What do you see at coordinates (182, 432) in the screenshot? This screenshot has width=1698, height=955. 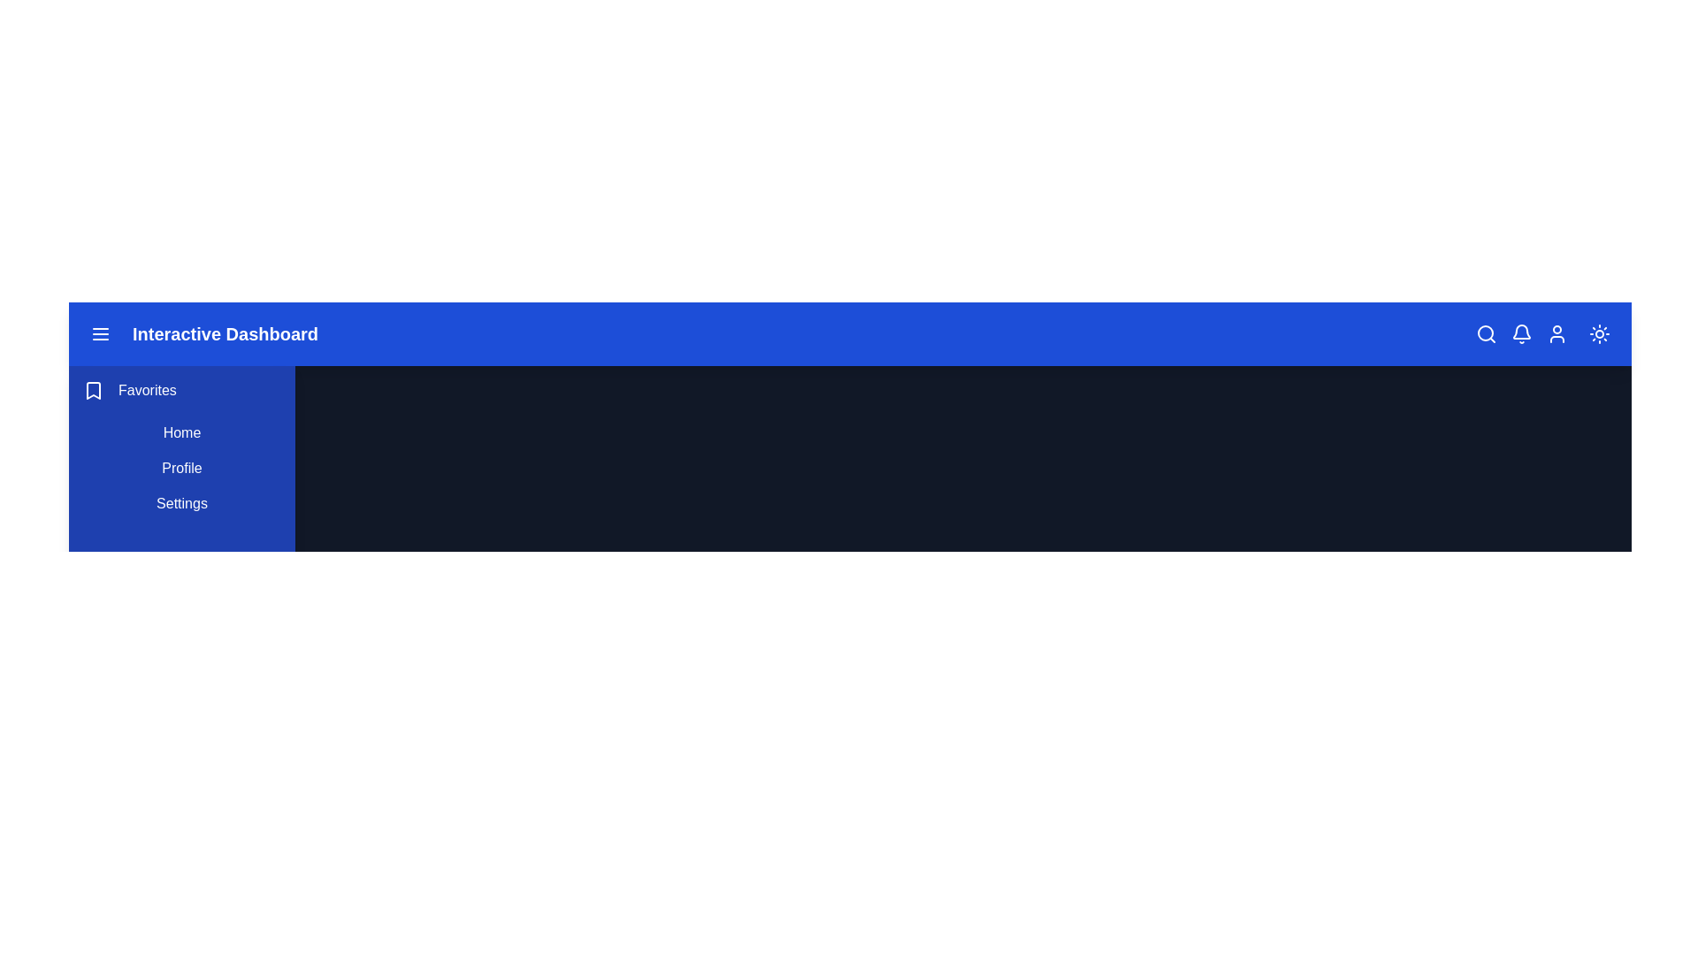 I see `the 'Home' menu item in the sidebar to navigate to the Home section` at bounding box center [182, 432].